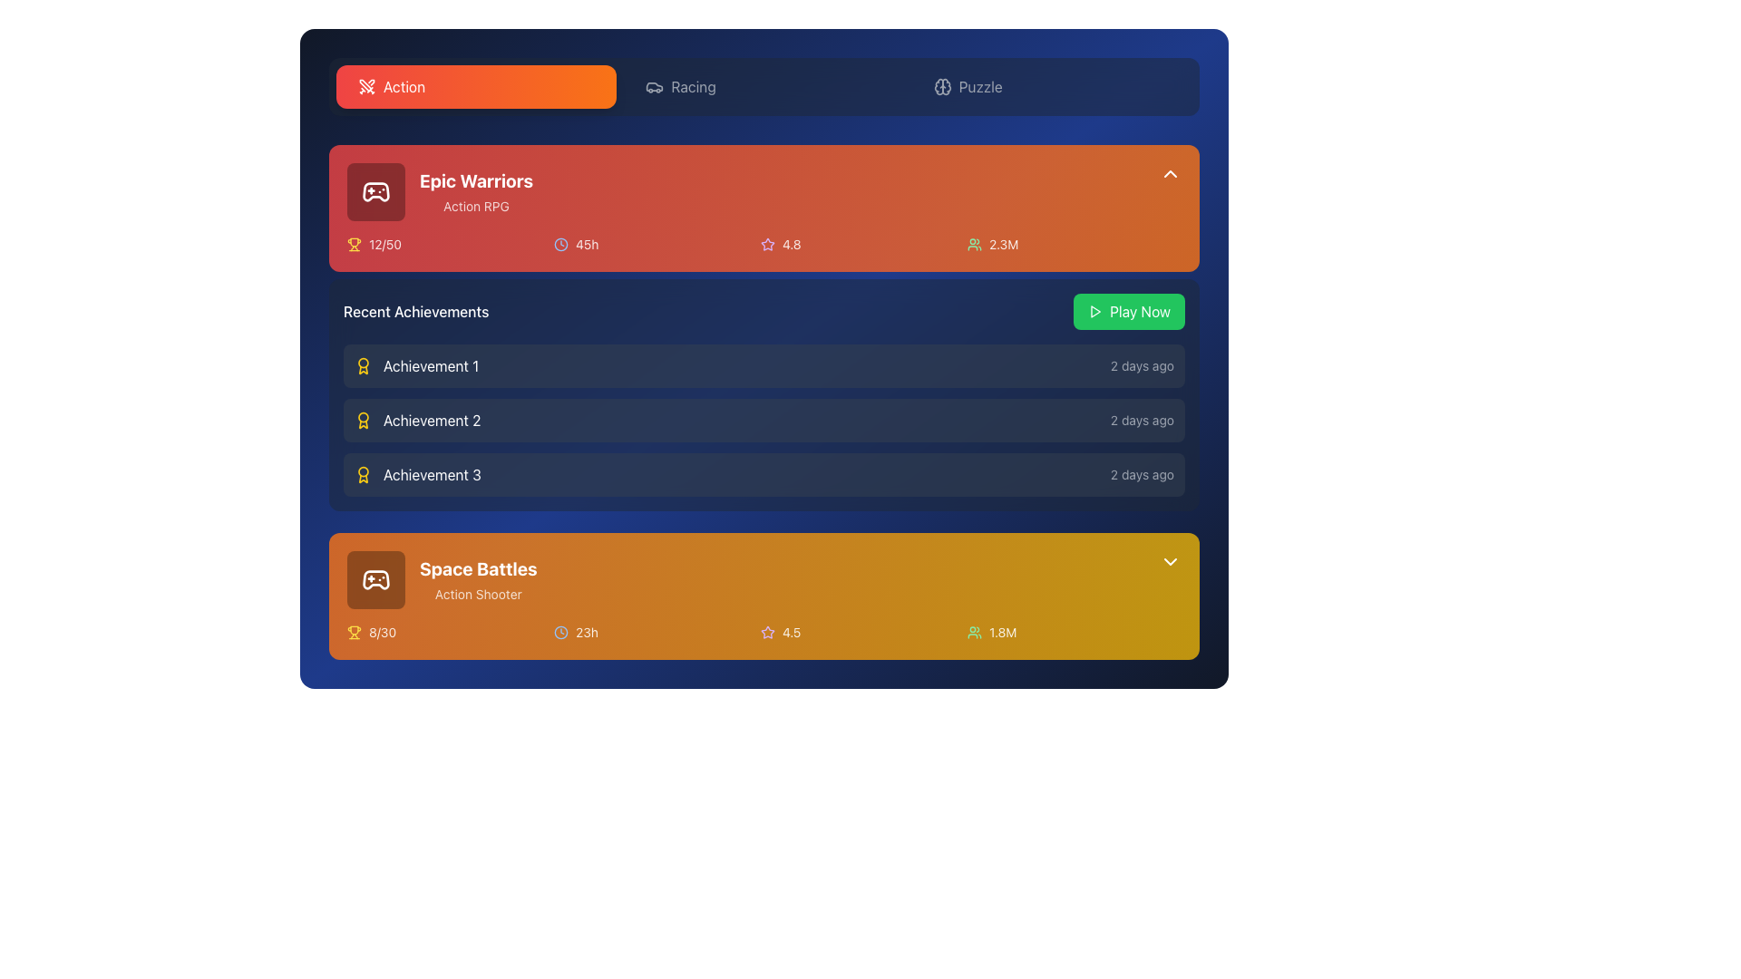 The image size is (1741, 979). Describe the element at coordinates (363, 366) in the screenshot. I see `the Decorative icon styled as a medal or award symbol, which has a yellow outline and is located at the top-left of the 'Achievement 1' entry in the 'Recent Achievements' section` at that location.